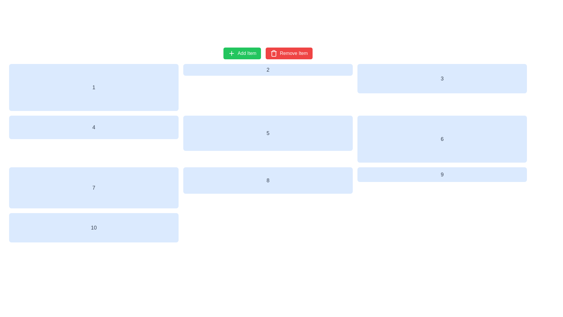 The width and height of the screenshot is (563, 317). What do you see at coordinates (442, 174) in the screenshot?
I see `the Static Text Label displaying the number '9', which is a blue rectangular block with dark gray text, located in the third column of the fourth row in a 3-column grid layout` at bounding box center [442, 174].